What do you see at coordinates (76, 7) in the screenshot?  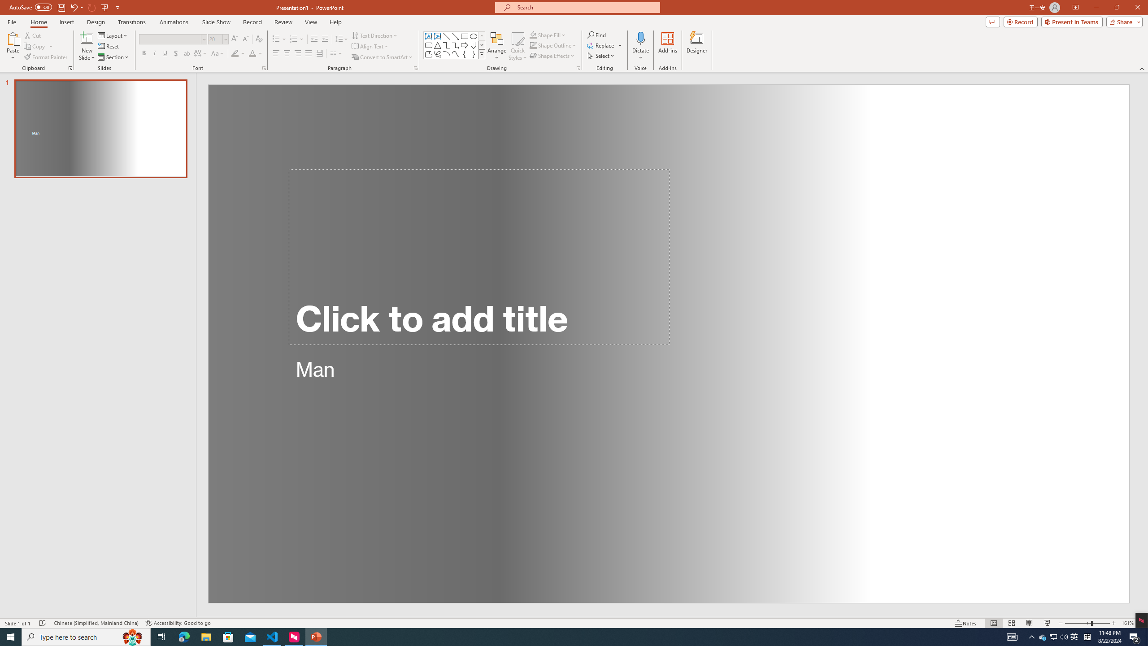 I see `'Undo'` at bounding box center [76, 7].